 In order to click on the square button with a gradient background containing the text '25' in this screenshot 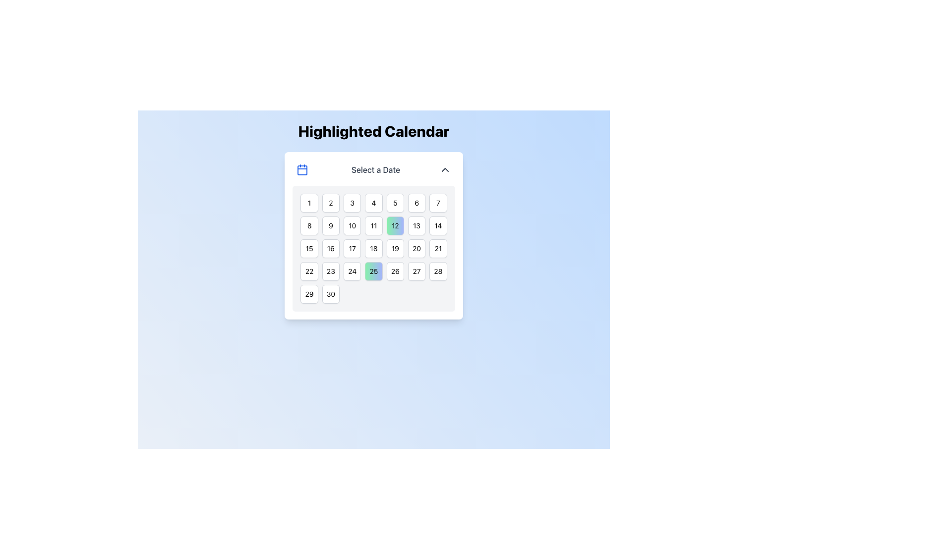, I will do `click(373, 271)`.